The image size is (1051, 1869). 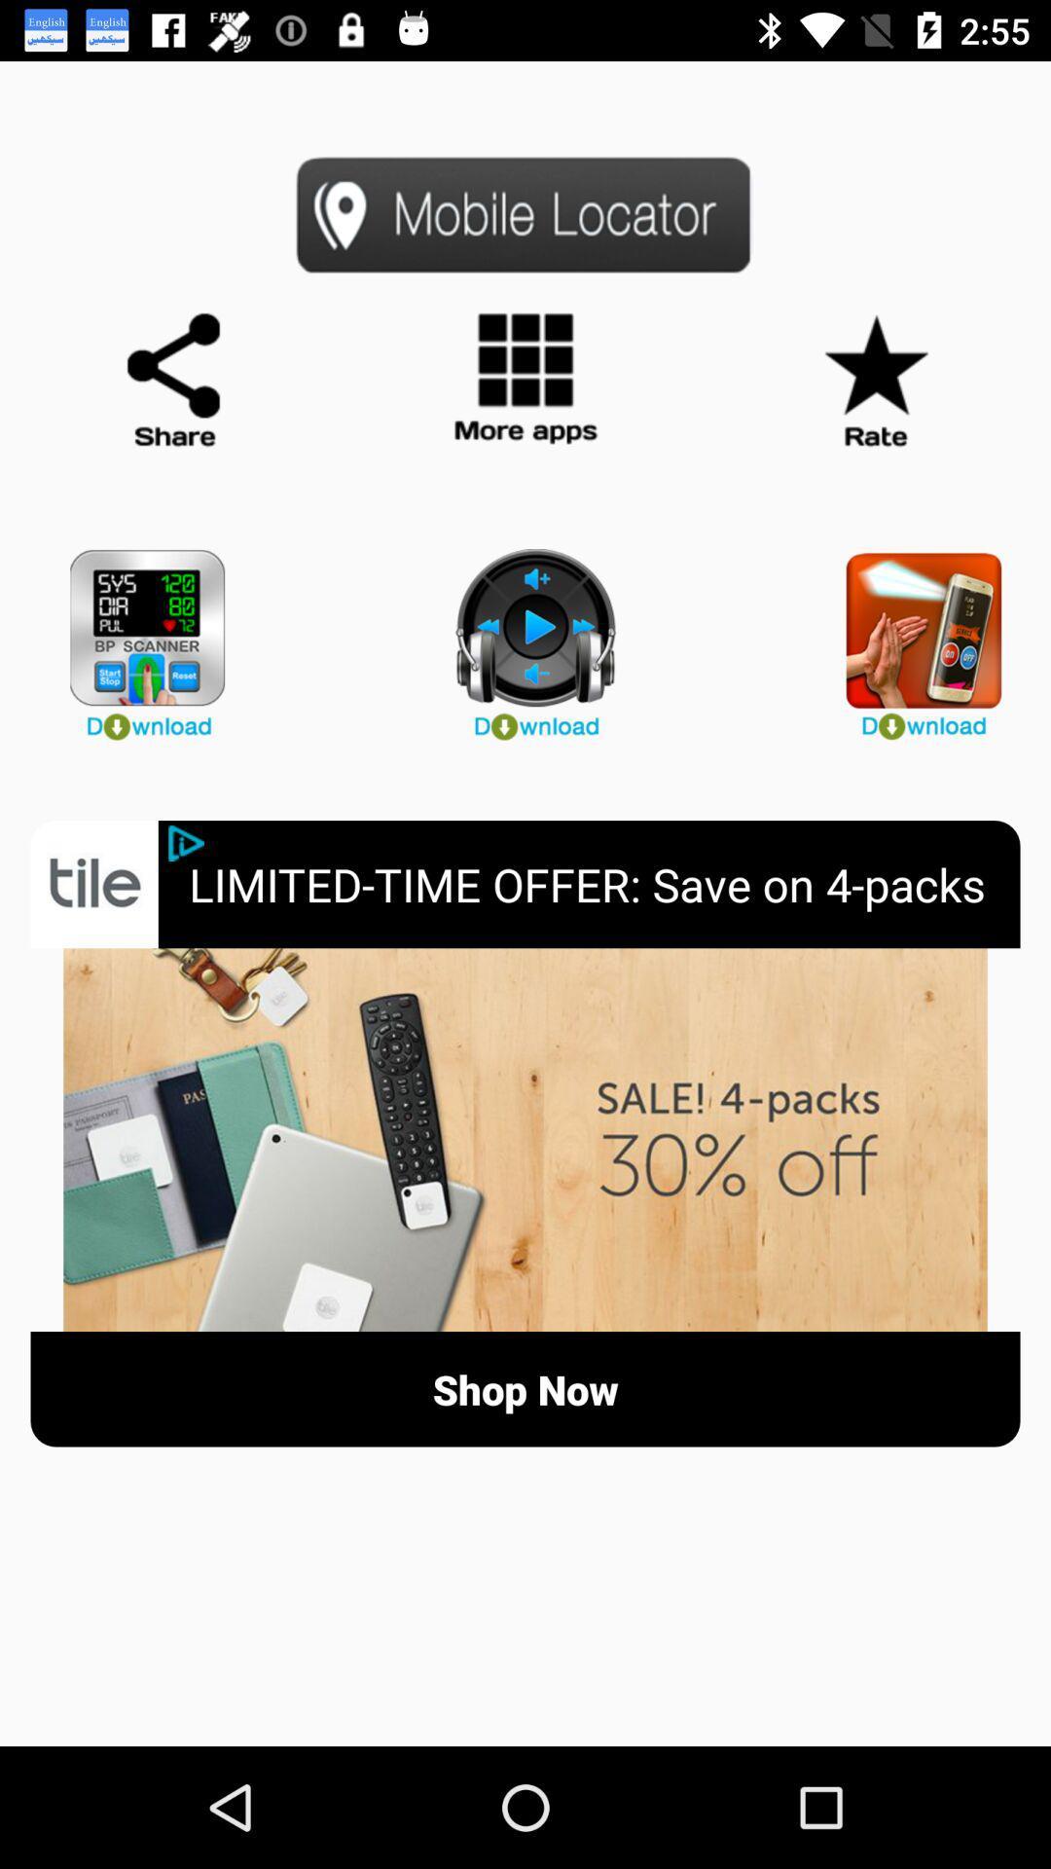 What do you see at coordinates (525, 1140) in the screenshot?
I see `the button above shop now item` at bounding box center [525, 1140].